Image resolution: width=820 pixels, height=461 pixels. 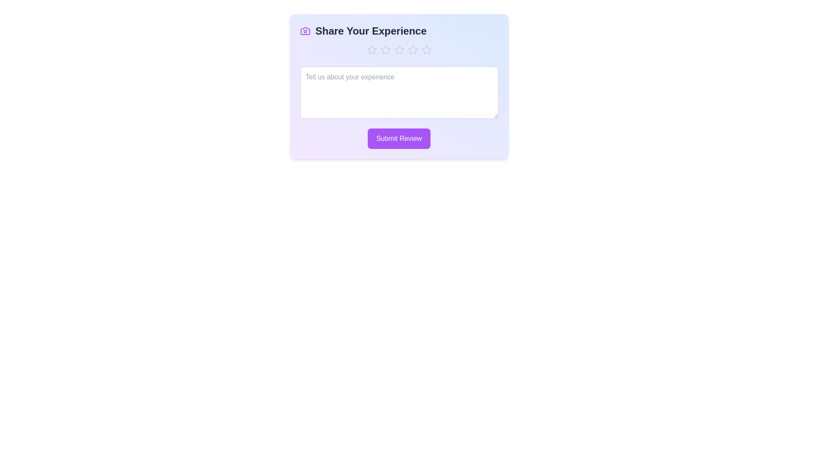 What do you see at coordinates (305, 31) in the screenshot?
I see `the camera icon to interact with it` at bounding box center [305, 31].